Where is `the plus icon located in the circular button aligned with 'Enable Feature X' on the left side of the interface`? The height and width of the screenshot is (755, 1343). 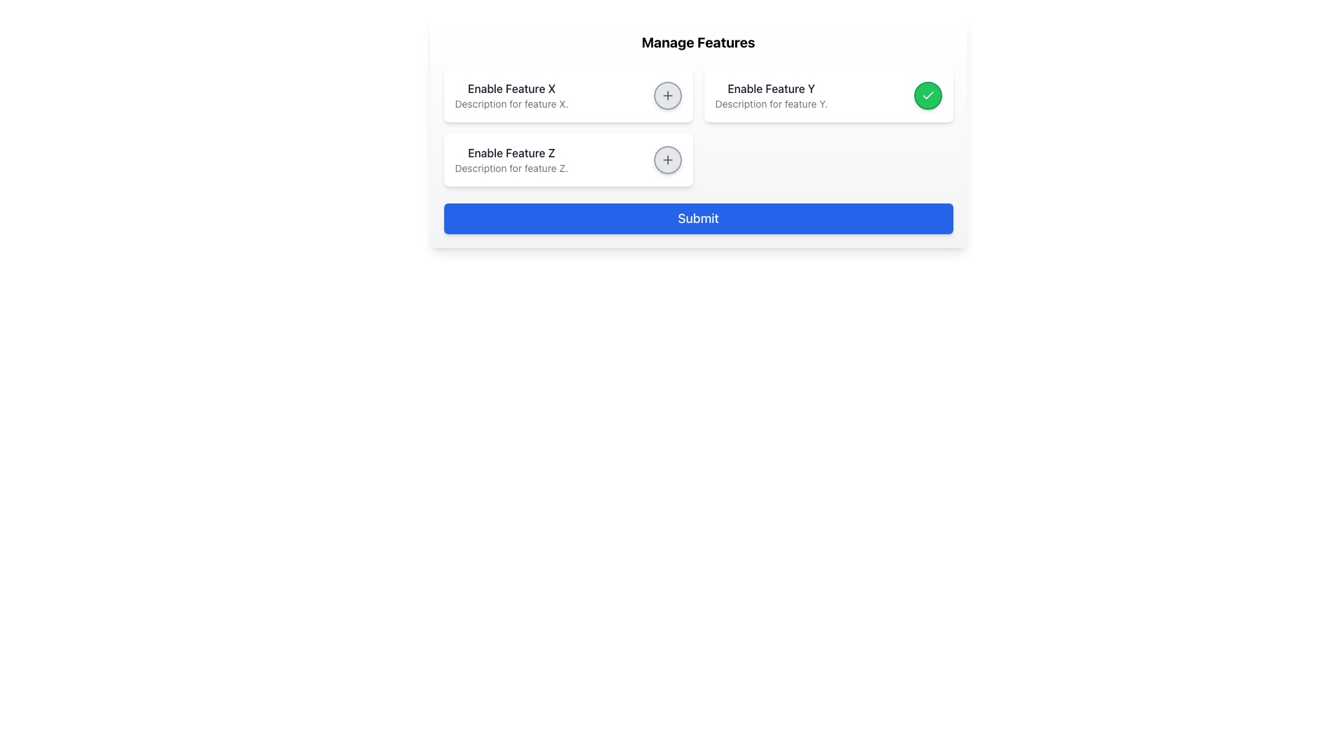 the plus icon located in the circular button aligned with 'Enable Feature X' on the left side of the interface is located at coordinates (667, 159).